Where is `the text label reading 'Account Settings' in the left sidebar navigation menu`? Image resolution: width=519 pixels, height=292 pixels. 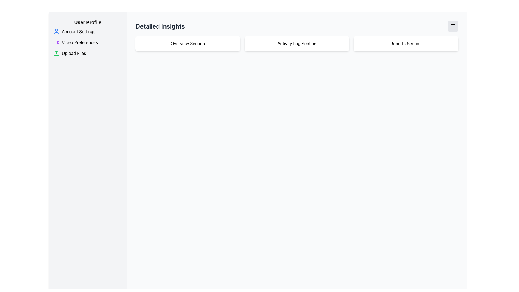 the text label reading 'Account Settings' in the left sidebar navigation menu is located at coordinates (78, 31).